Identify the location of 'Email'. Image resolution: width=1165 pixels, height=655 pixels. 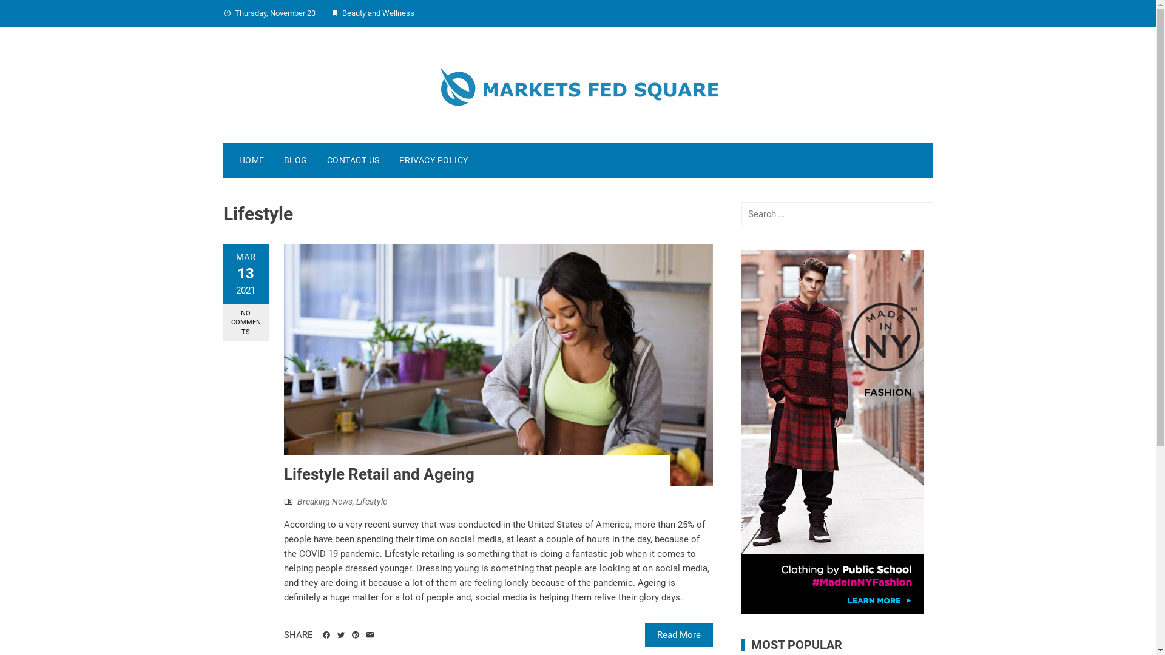
(362, 634).